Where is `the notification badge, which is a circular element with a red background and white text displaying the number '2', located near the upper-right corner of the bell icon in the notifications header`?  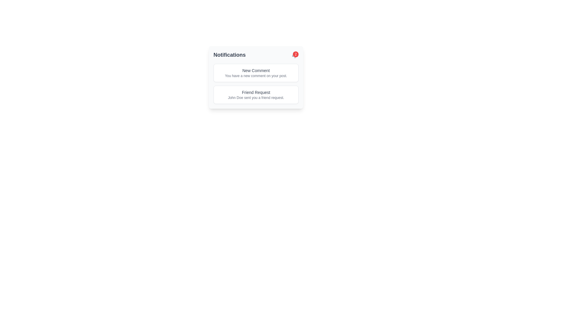
the notification badge, which is a circular element with a red background and white text displaying the number '2', located near the upper-right corner of the bell icon in the notifications header is located at coordinates (295, 55).